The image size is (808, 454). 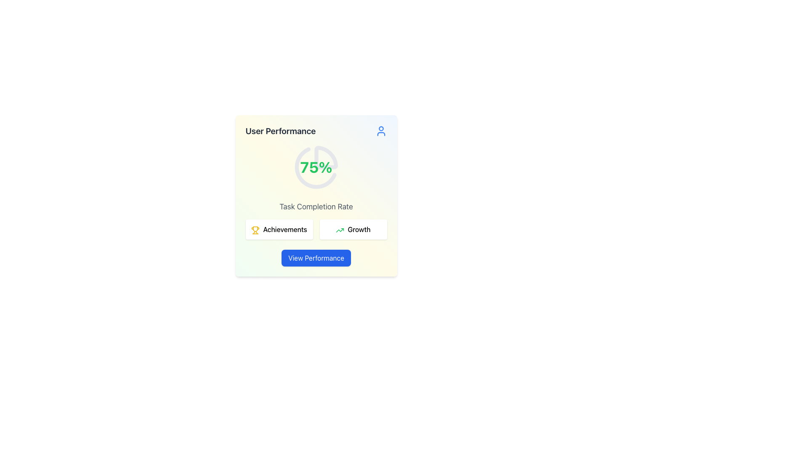 What do you see at coordinates (279, 230) in the screenshot?
I see `the Label card with a trophy icon and the text 'Achievements', which is the first card in the left column of a two-column grid layout` at bounding box center [279, 230].